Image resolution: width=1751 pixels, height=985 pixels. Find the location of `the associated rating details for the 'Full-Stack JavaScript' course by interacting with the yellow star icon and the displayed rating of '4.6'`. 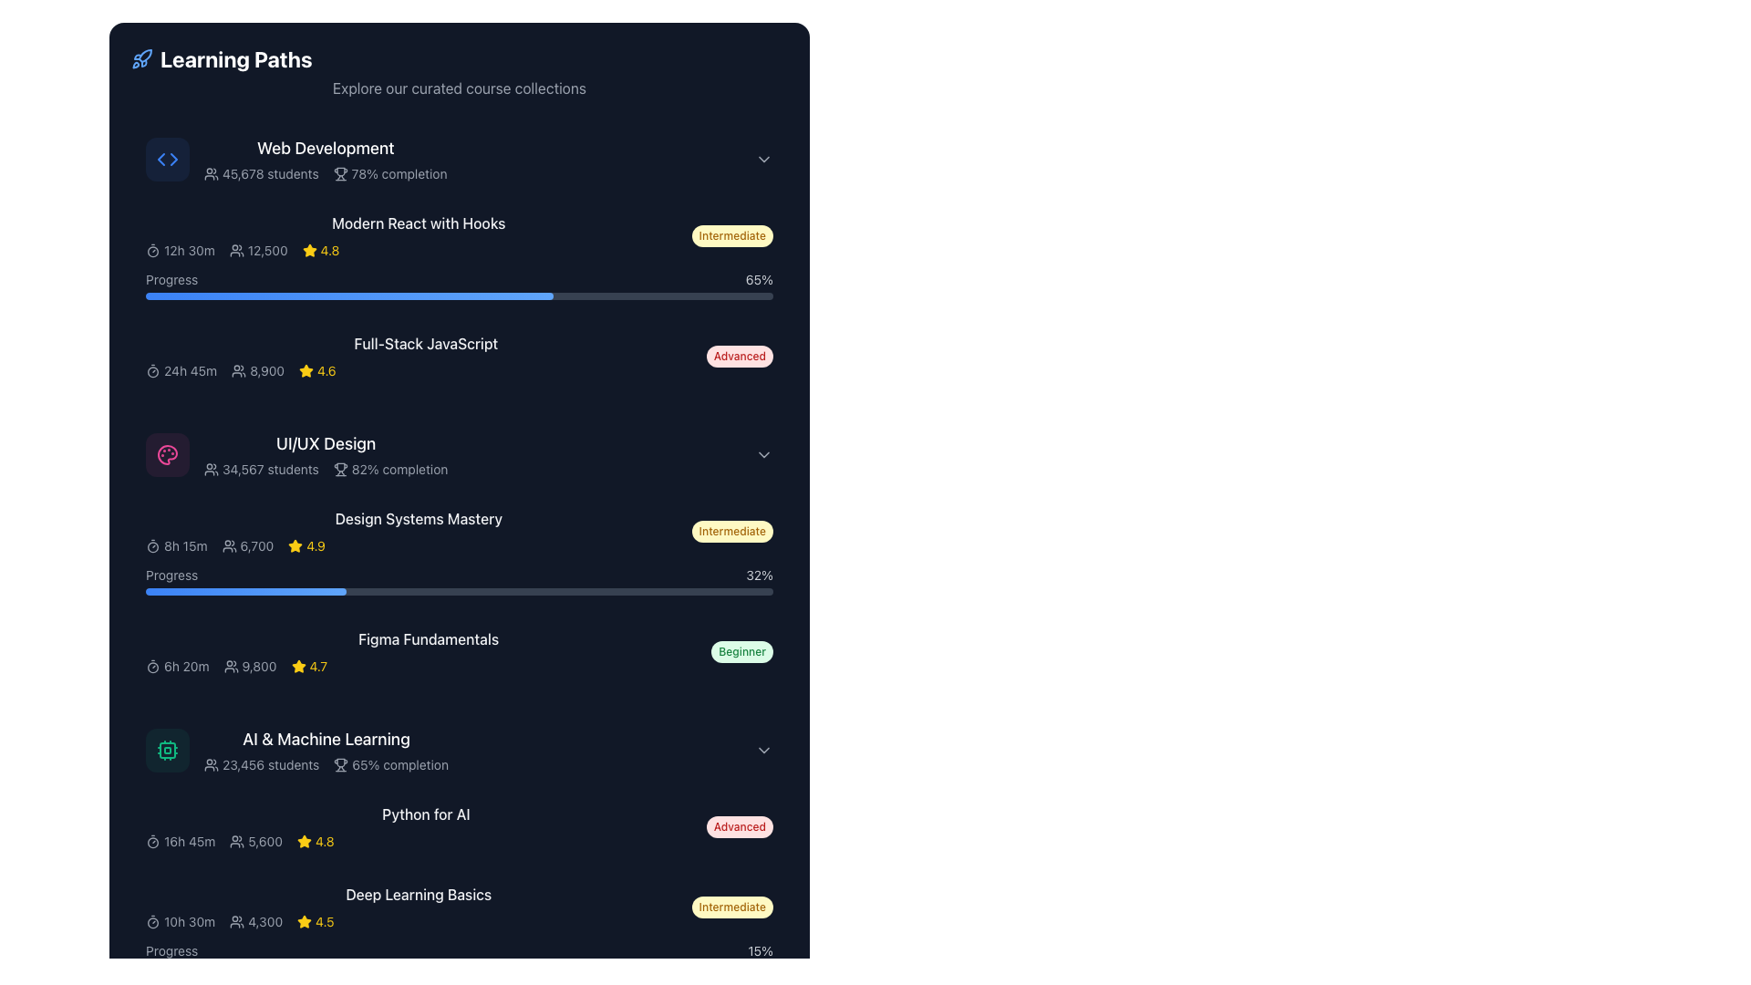

the associated rating details for the 'Full-Stack JavaScript' course by interacting with the yellow star icon and the displayed rating of '4.6' is located at coordinates (317, 370).